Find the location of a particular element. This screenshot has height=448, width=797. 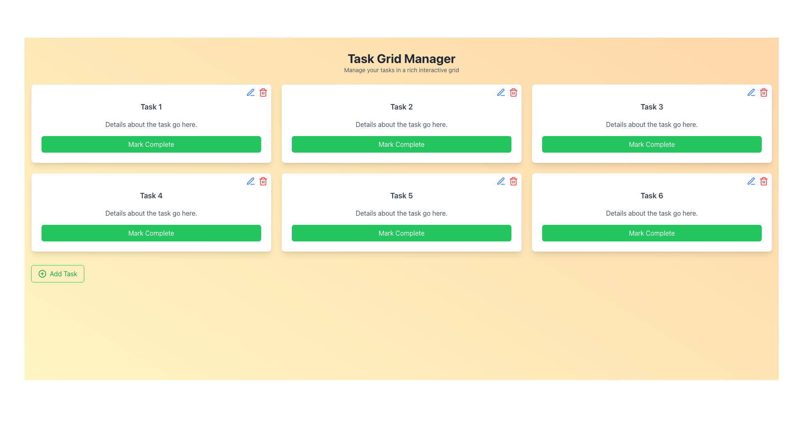

the static text label that displays the title of the corresponding task, located in the sixth card of the task grid in the bottom-right corner is located at coordinates (651, 195).